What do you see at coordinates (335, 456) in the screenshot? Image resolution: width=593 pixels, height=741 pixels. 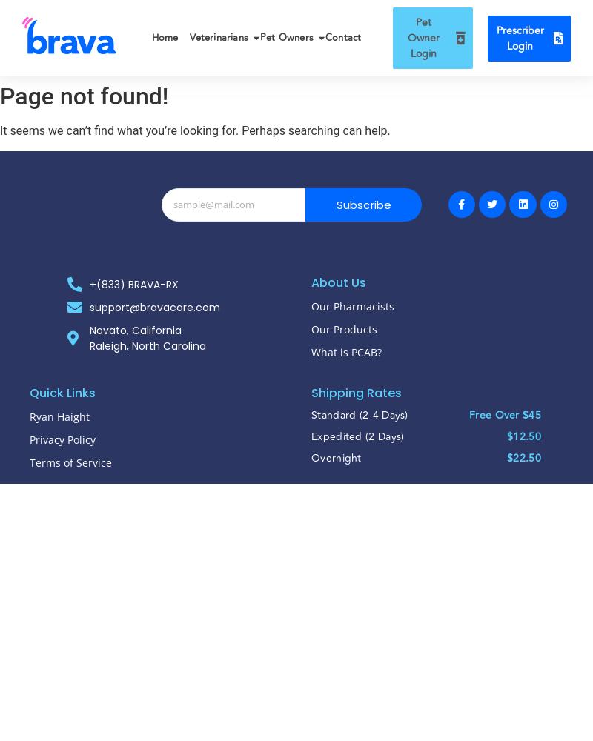 I see `'Overnight'` at bounding box center [335, 456].